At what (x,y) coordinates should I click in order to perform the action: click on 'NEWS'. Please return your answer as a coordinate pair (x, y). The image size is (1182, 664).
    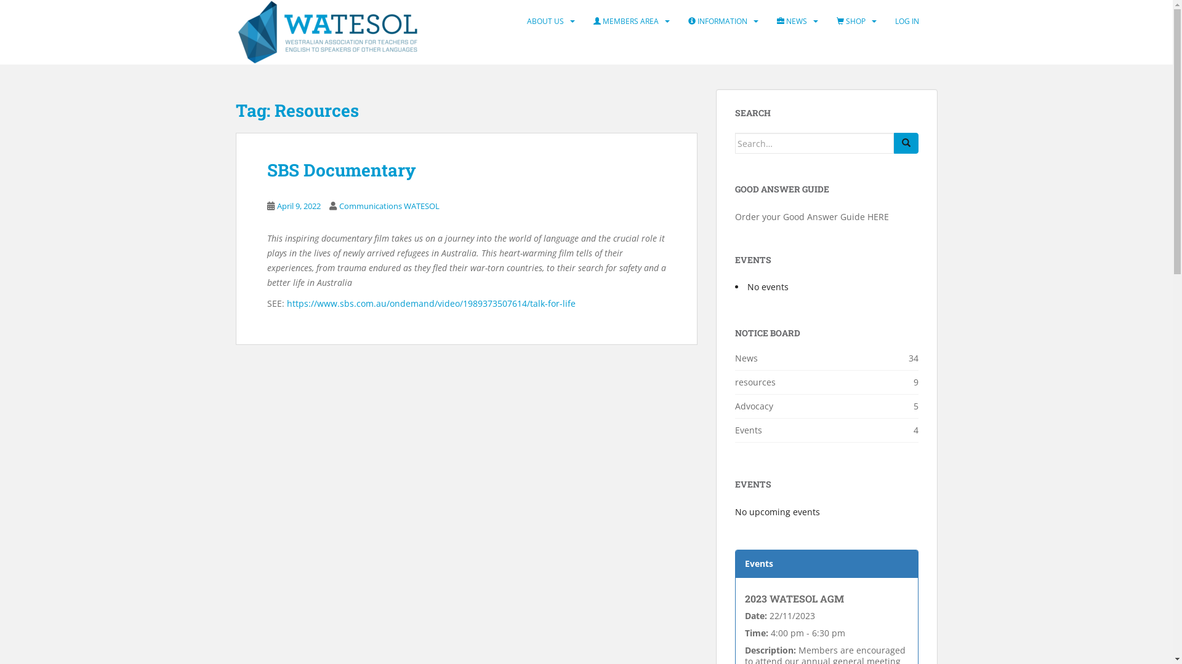
    Looking at the image, I should click on (792, 21).